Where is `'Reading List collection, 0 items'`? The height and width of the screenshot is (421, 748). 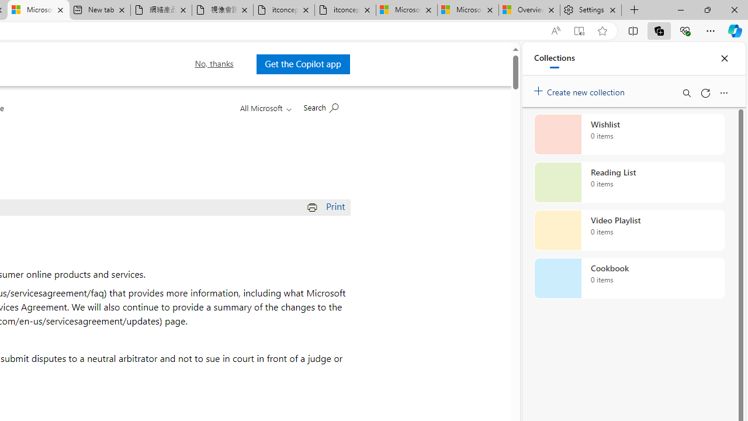 'Reading List collection, 0 items' is located at coordinates (629, 182).